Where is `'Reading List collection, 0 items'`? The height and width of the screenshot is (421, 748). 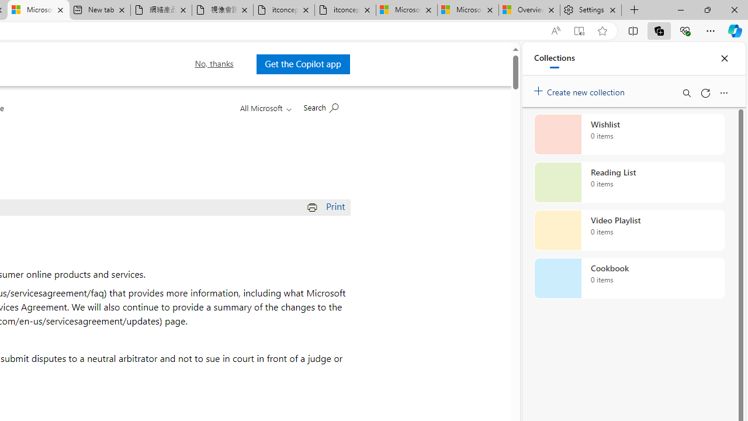 'Reading List collection, 0 items' is located at coordinates (629, 182).